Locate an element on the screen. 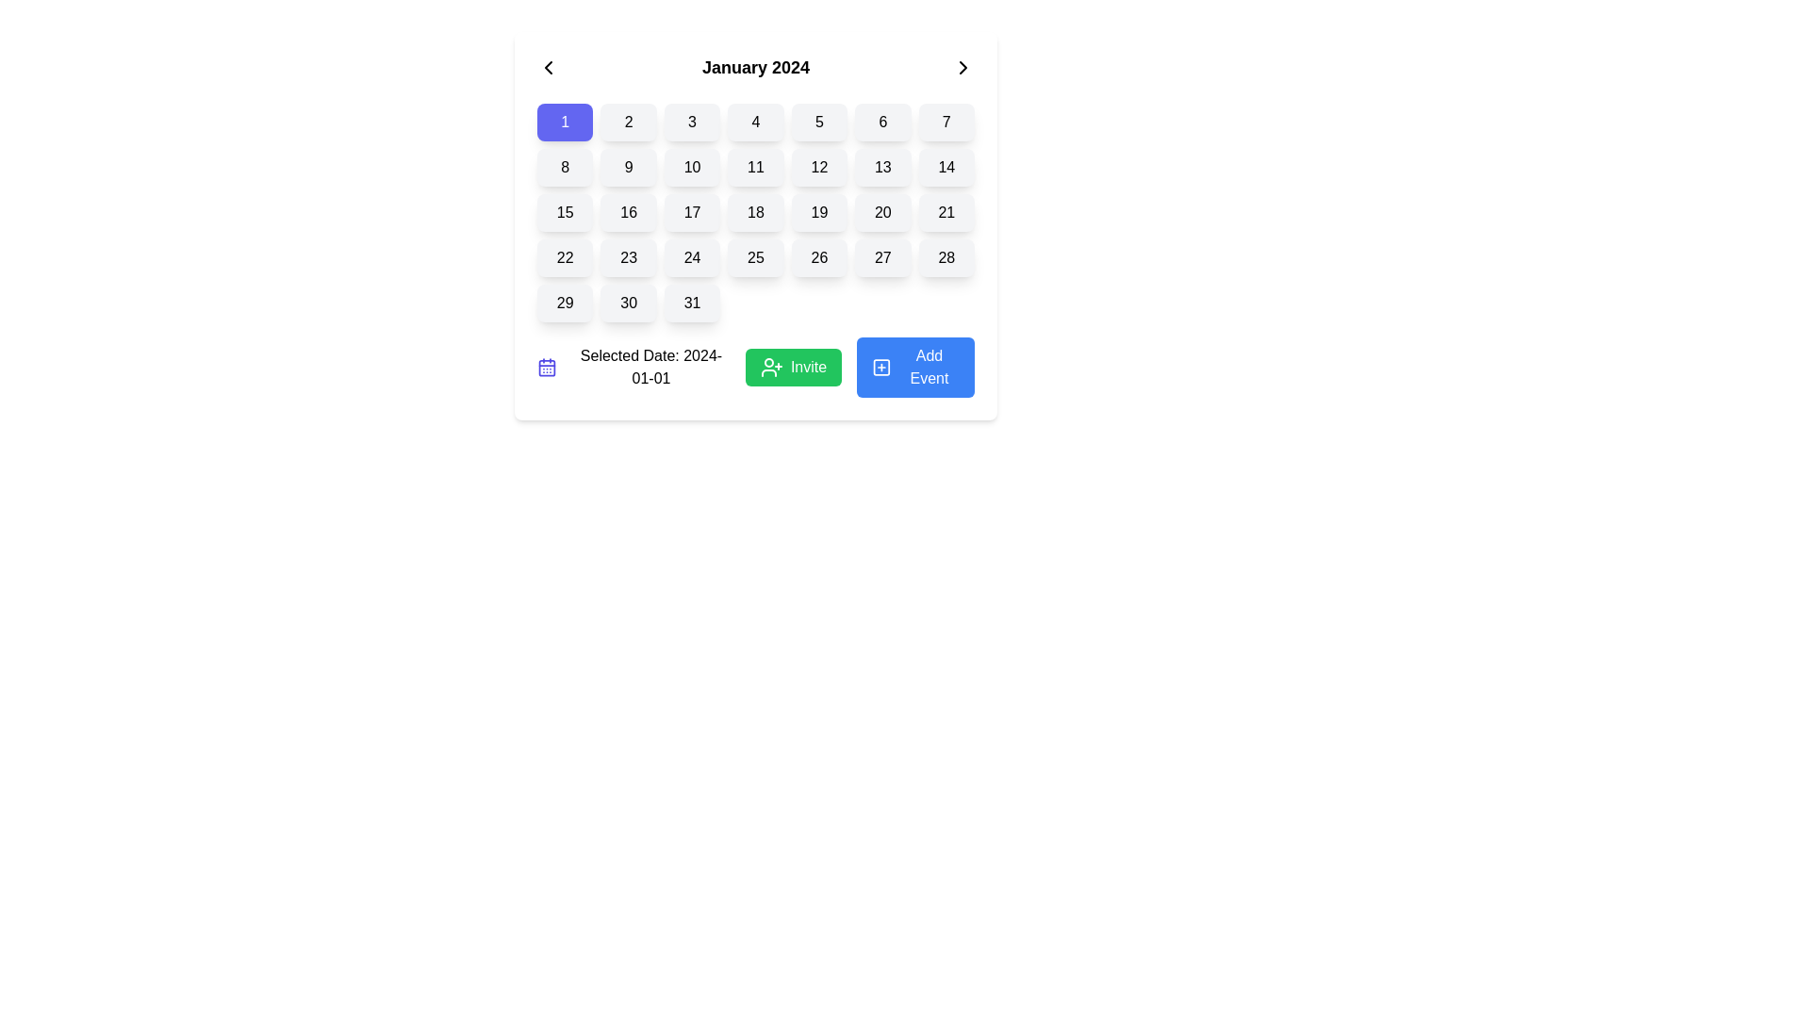  the leftmost chevron button in the header section is located at coordinates (547, 67).